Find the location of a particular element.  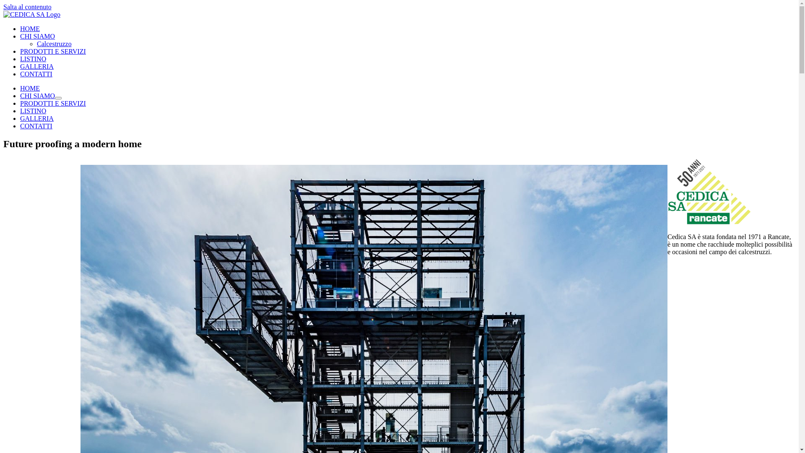

'HOME' is located at coordinates (30, 28).